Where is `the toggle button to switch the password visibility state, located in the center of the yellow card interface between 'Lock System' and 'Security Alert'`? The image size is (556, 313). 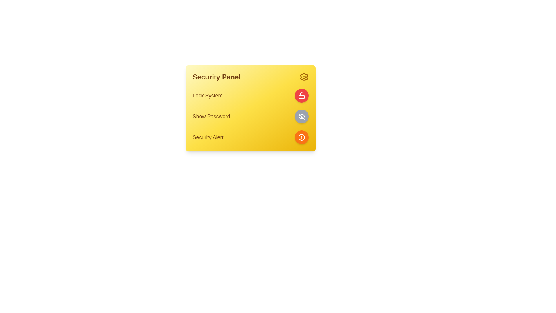
the toggle button to switch the password visibility state, located in the center of the yellow card interface between 'Lock System' and 'Security Alert' is located at coordinates (250, 116).